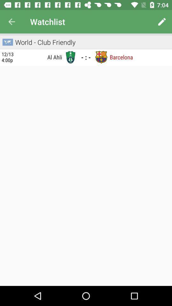 The width and height of the screenshot is (172, 306). What do you see at coordinates (40, 57) in the screenshot?
I see `the icon next to the 12 13 4 icon` at bounding box center [40, 57].